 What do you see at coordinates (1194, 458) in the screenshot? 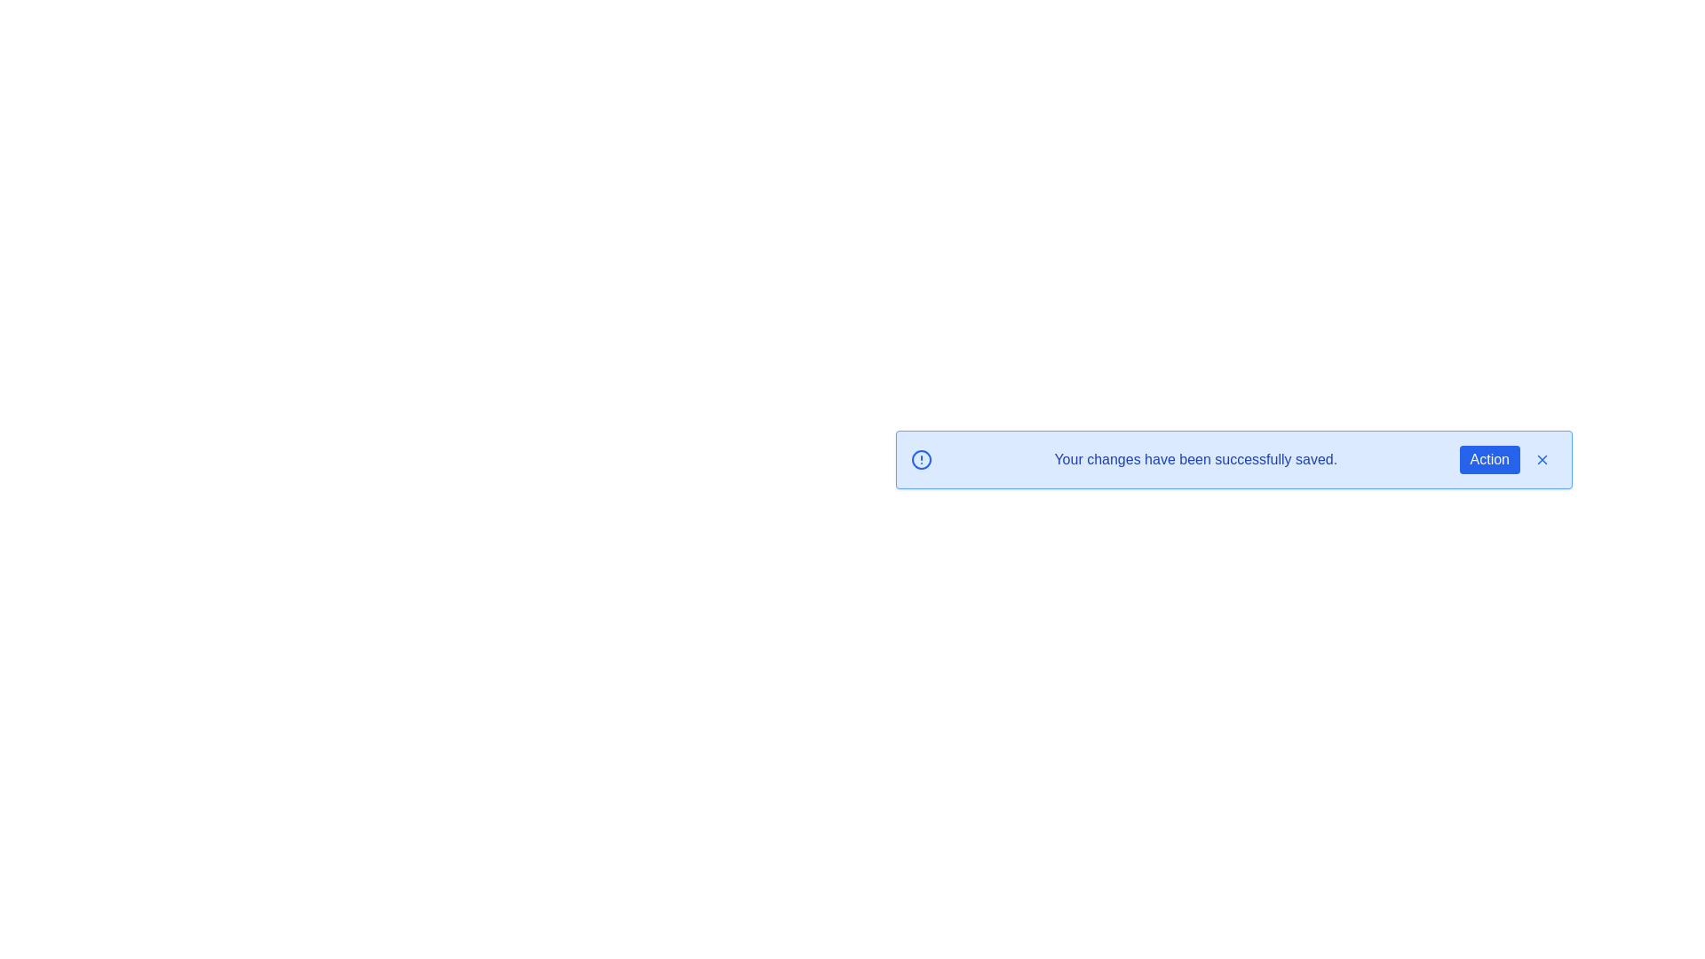
I see `the message text 'Your changes have been successfully saved.'` at bounding box center [1194, 458].